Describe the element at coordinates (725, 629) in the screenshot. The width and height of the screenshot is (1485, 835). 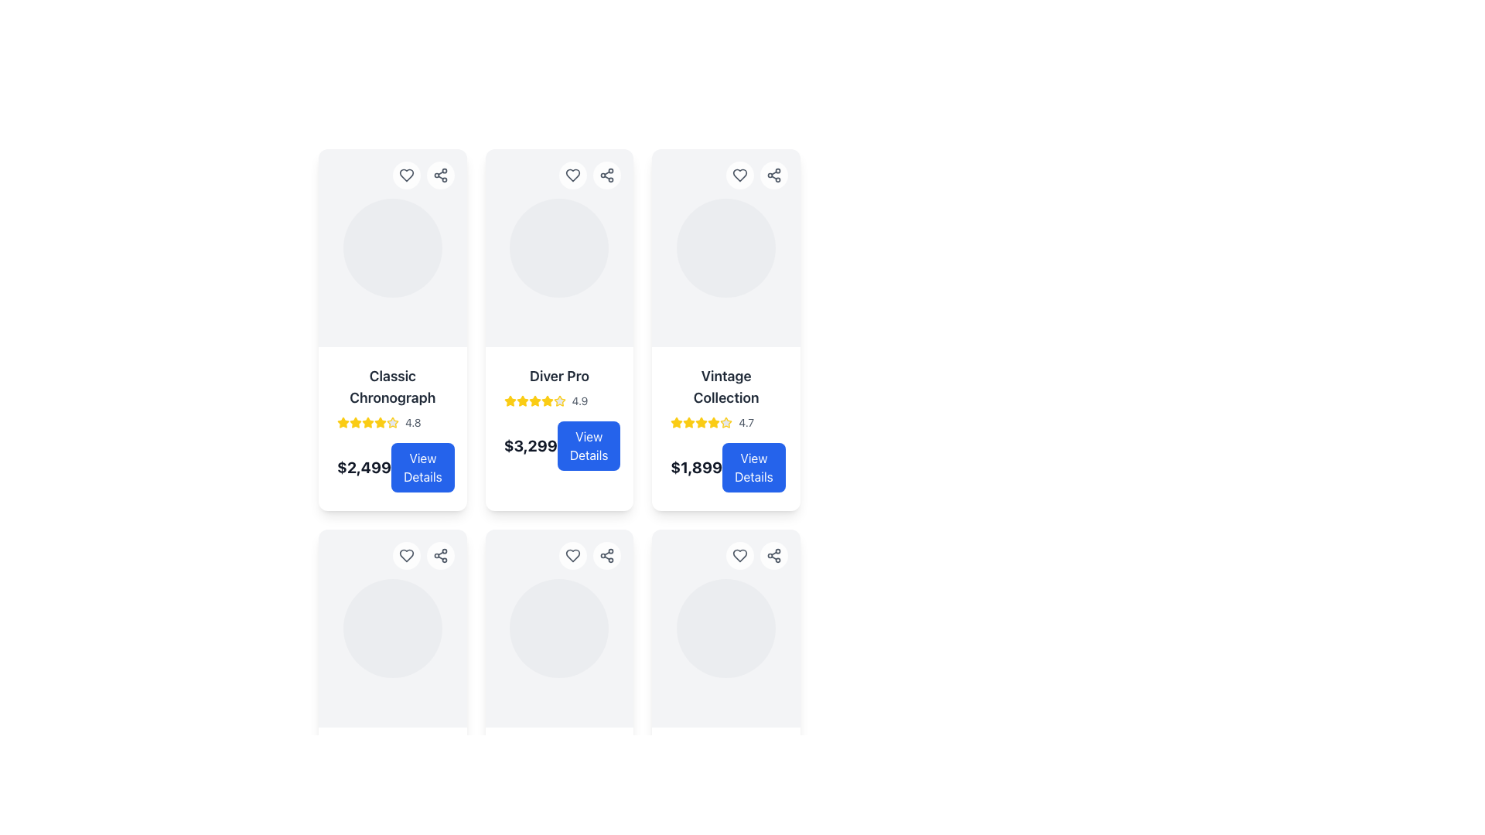
I see `the circular gray disc placeholder located at the center of the bottom-right card in a grid of cards` at that location.